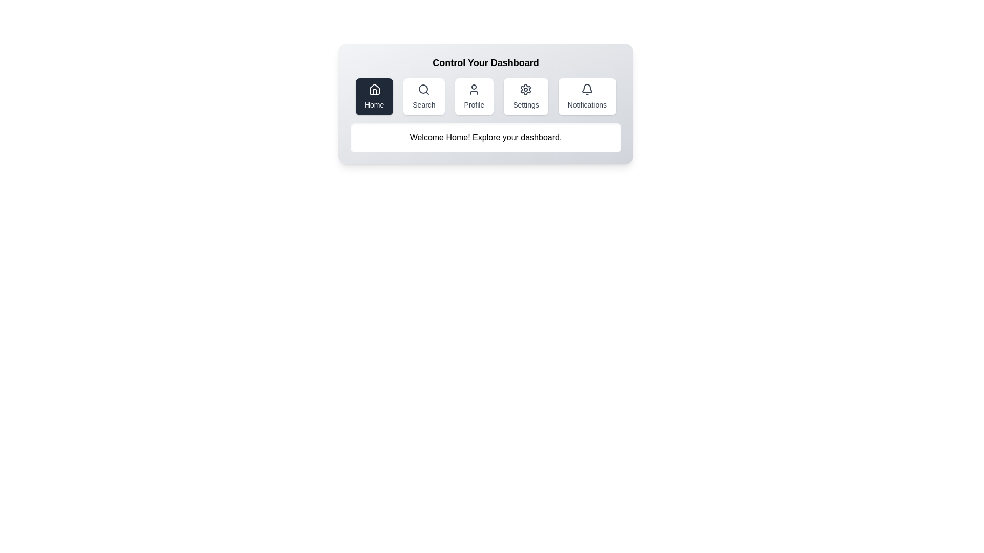 This screenshot has height=553, width=984. Describe the element at coordinates (374, 89) in the screenshot. I see `the home icon, which is a minimal vector graphic of a house outline, located in the navigation section as the first icon in a horizontal list` at that location.